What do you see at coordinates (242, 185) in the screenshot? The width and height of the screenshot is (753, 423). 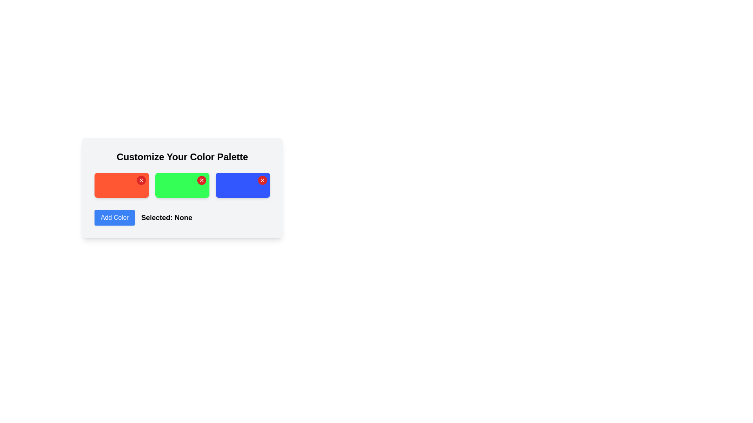 I see `the third button in the color palette customization interface` at bounding box center [242, 185].